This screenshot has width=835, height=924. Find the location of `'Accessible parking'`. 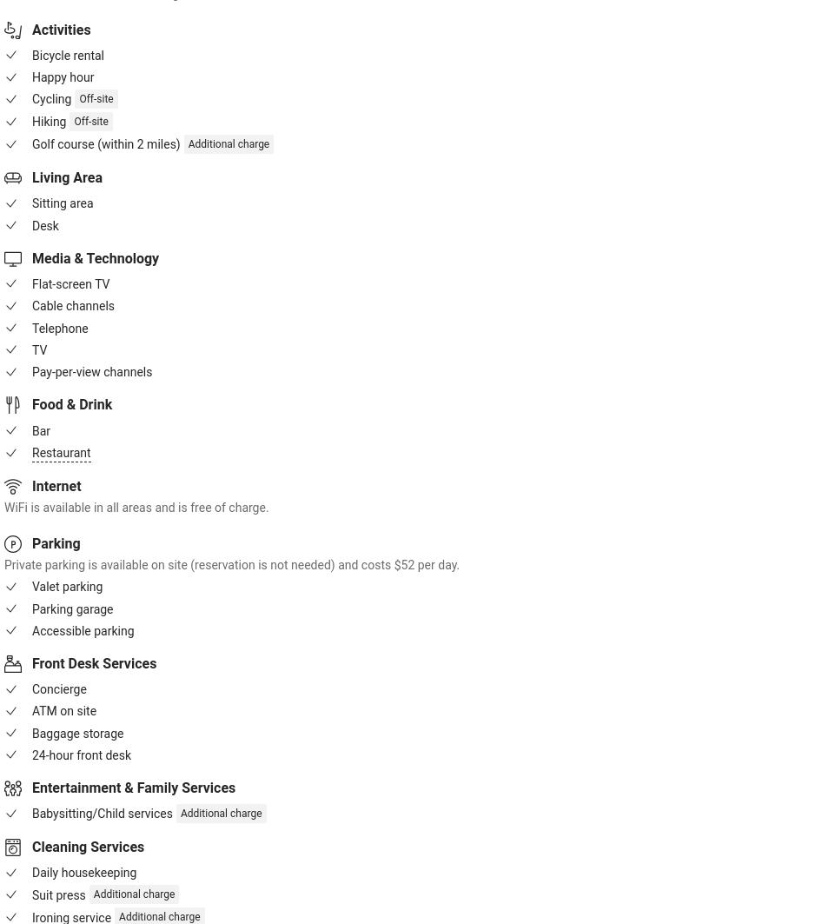

'Accessible parking' is located at coordinates (83, 628).